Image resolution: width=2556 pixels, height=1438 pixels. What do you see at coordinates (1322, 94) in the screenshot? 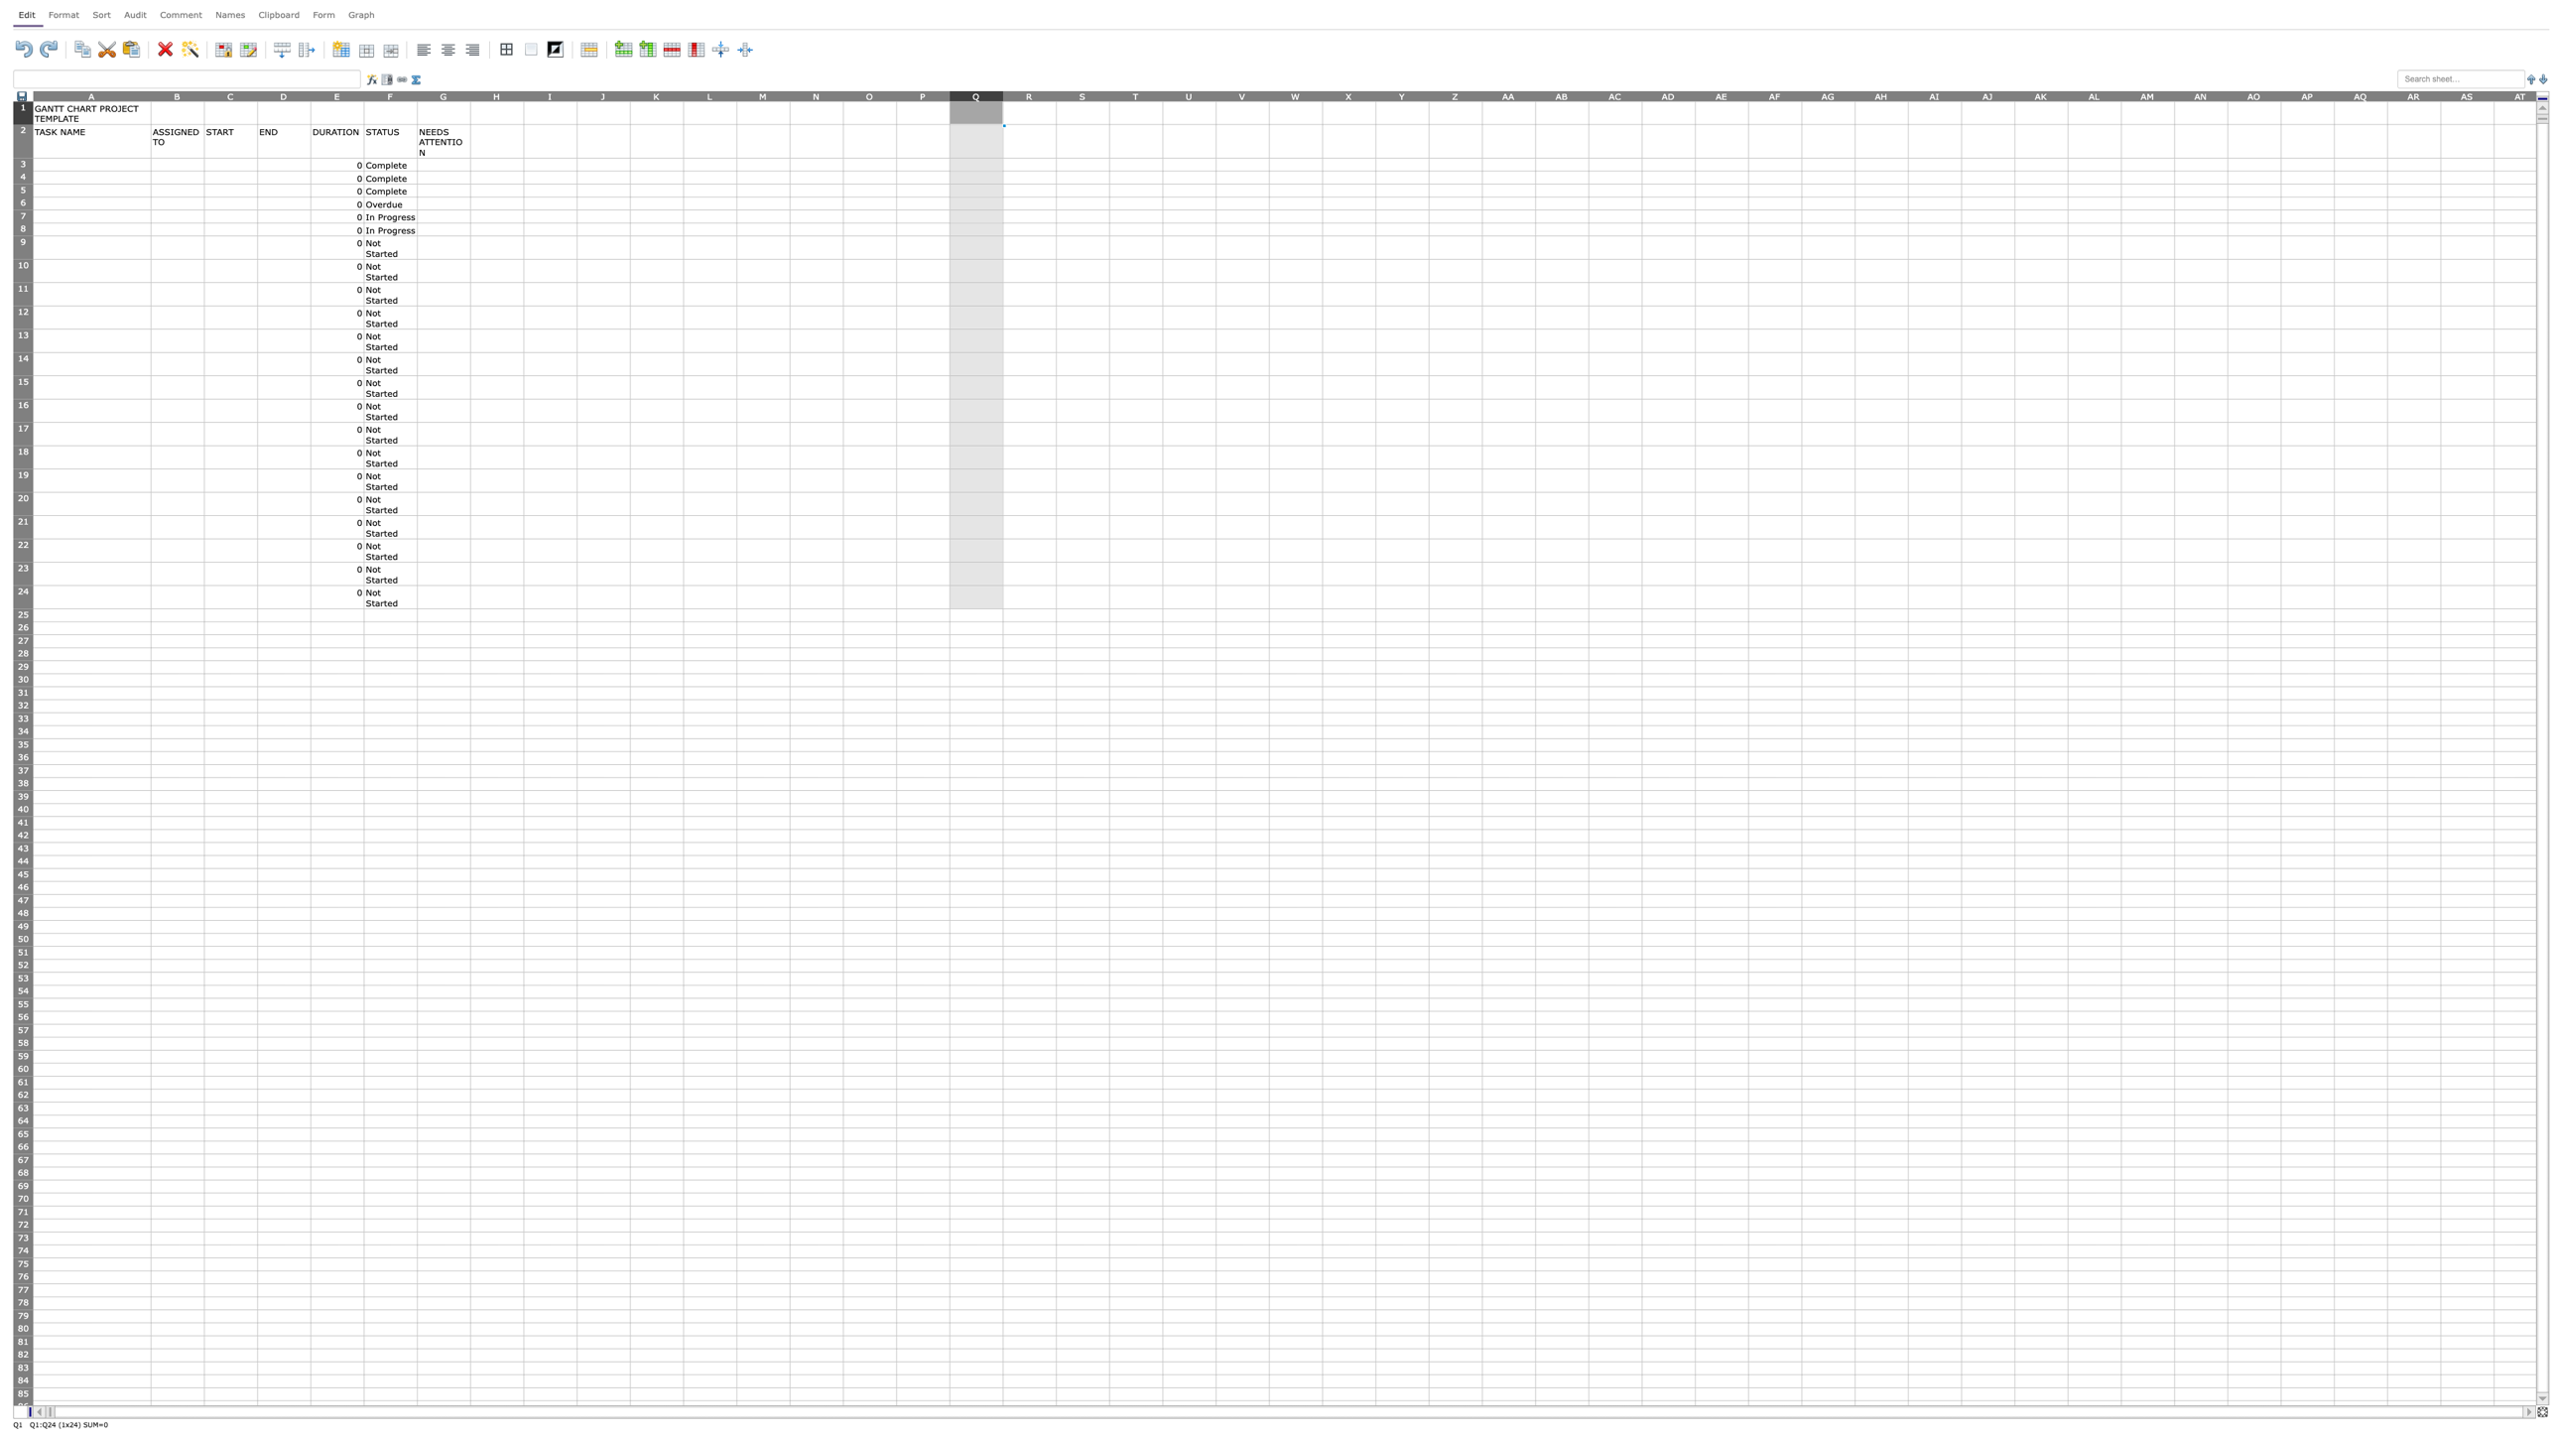
I see `the right edge of column W to resize` at bounding box center [1322, 94].